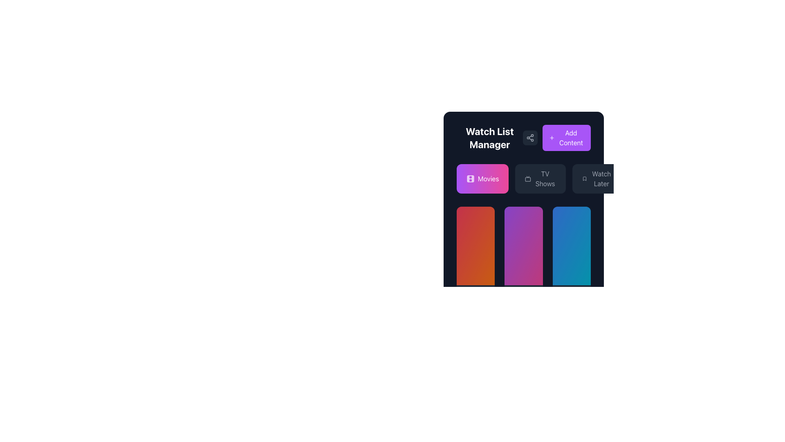  Describe the element at coordinates (488, 178) in the screenshot. I see `the 'Movies' text label within the button, which is displayed in bold white font on a vibrant gradient background transitioning from purple to pink, located under the 'Watch List Manager' header` at that location.